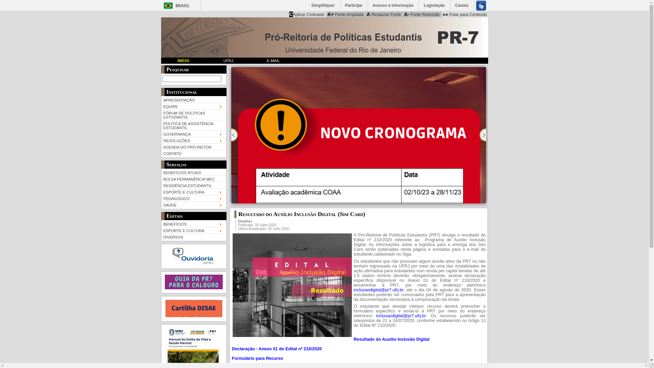  What do you see at coordinates (192, 191) in the screenshot?
I see `'ESPORTE E CULTURA'` at bounding box center [192, 191].